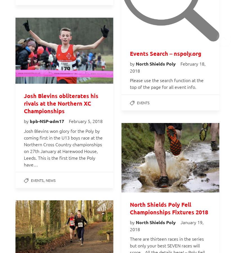  What do you see at coordinates (47, 120) in the screenshot?
I see `'bpb-NSP-adm17'` at bounding box center [47, 120].